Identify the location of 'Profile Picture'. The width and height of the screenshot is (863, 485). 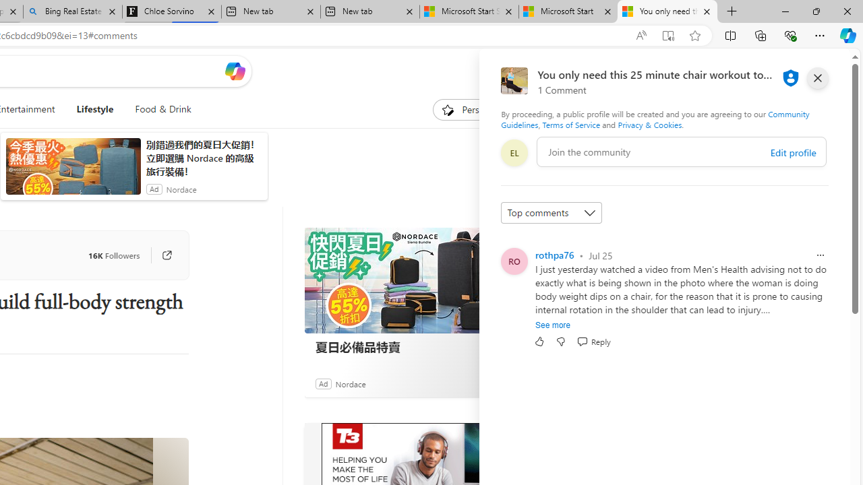
(513, 261).